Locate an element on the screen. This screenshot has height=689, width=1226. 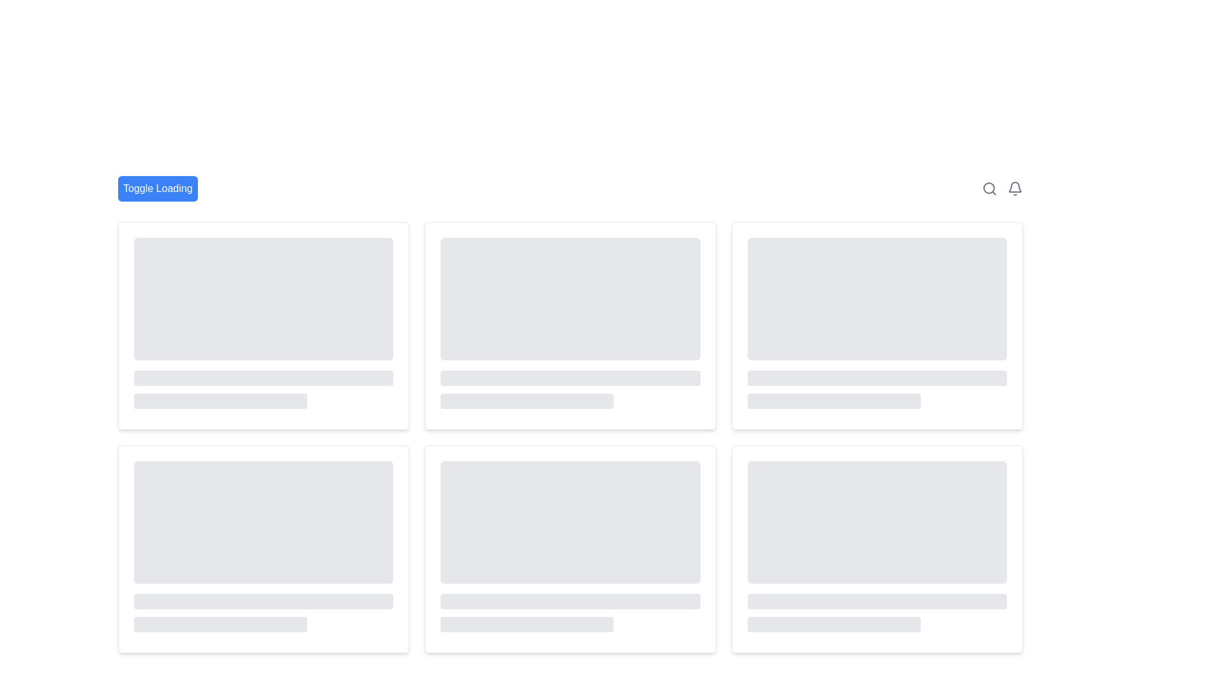
the centrally aligned placeholder that indicates a loading state, positioned between two other elements is located at coordinates (263, 378).